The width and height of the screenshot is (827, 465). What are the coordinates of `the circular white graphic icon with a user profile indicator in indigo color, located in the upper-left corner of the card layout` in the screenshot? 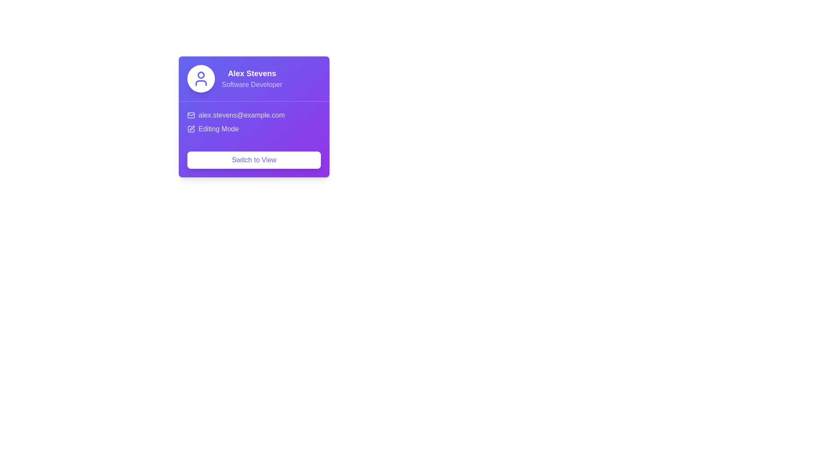 It's located at (200, 78).